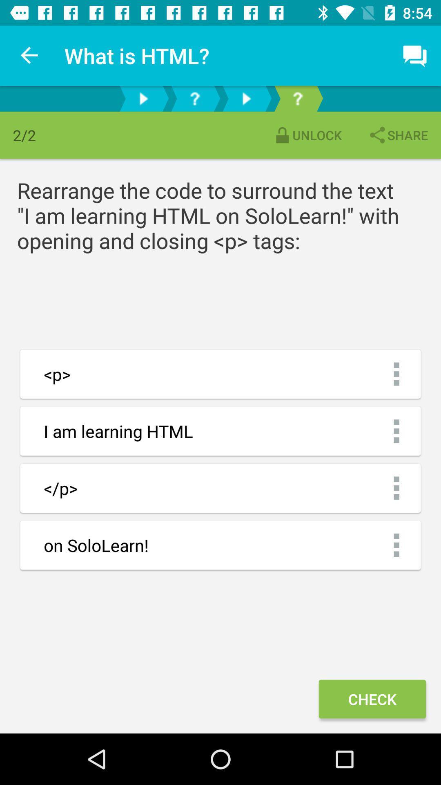 Image resolution: width=441 pixels, height=785 pixels. I want to click on check box, so click(372, 698).